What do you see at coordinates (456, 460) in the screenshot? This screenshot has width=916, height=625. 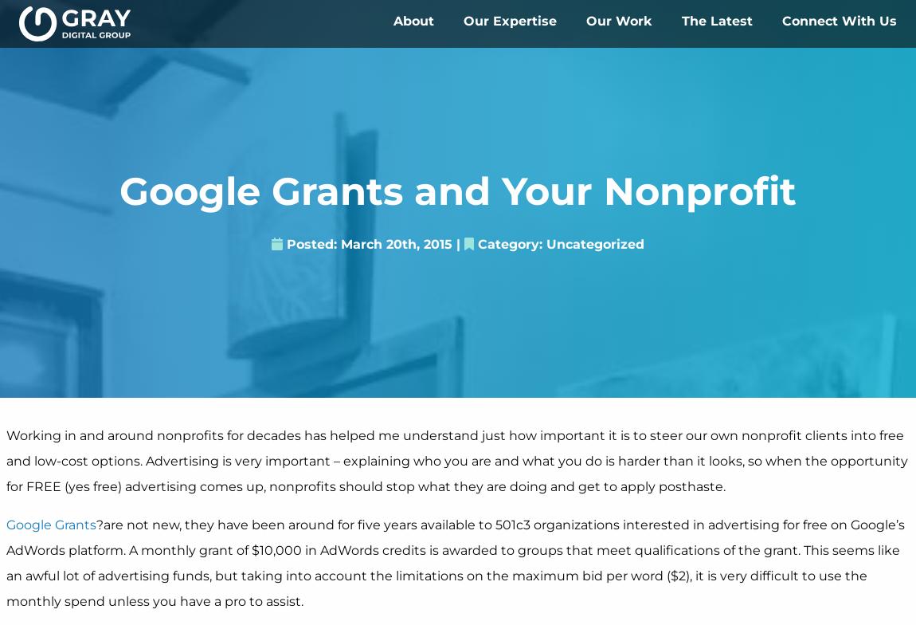 I see `'Working in and around nonprofits for decades has helped me understand just how important it is to steer our own nonprofit clients into free and low-cost options. Advertising is very important – explaining who you are and what you do is harder than it looks, so when the opportunity for FREE (yes free) advertising comes up, nonprofits should stop what they are doing and get to apply posthaste.'` at bounding box center [456, 460].